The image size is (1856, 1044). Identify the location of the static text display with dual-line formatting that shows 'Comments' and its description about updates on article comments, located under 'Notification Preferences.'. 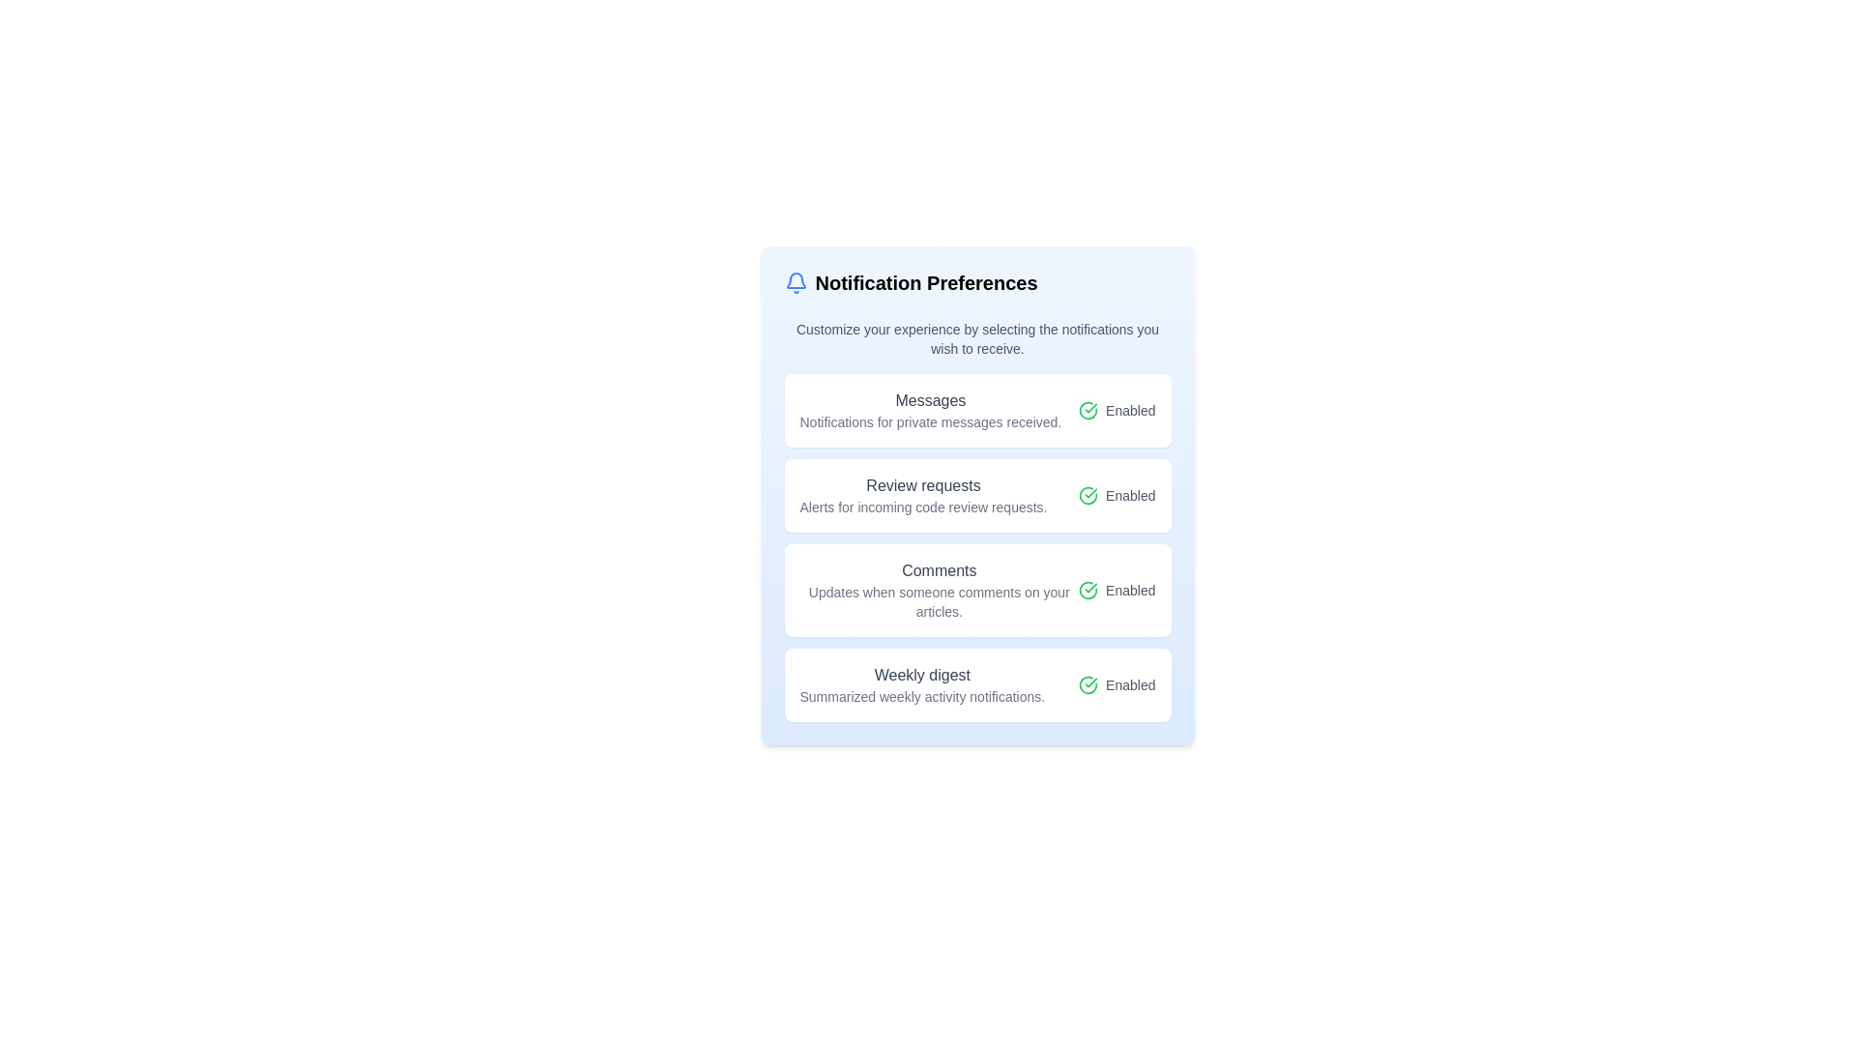
(939, 589).